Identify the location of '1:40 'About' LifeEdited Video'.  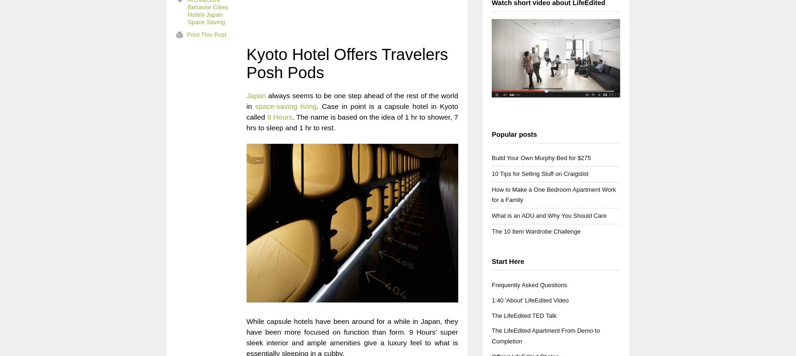
(530, 300).